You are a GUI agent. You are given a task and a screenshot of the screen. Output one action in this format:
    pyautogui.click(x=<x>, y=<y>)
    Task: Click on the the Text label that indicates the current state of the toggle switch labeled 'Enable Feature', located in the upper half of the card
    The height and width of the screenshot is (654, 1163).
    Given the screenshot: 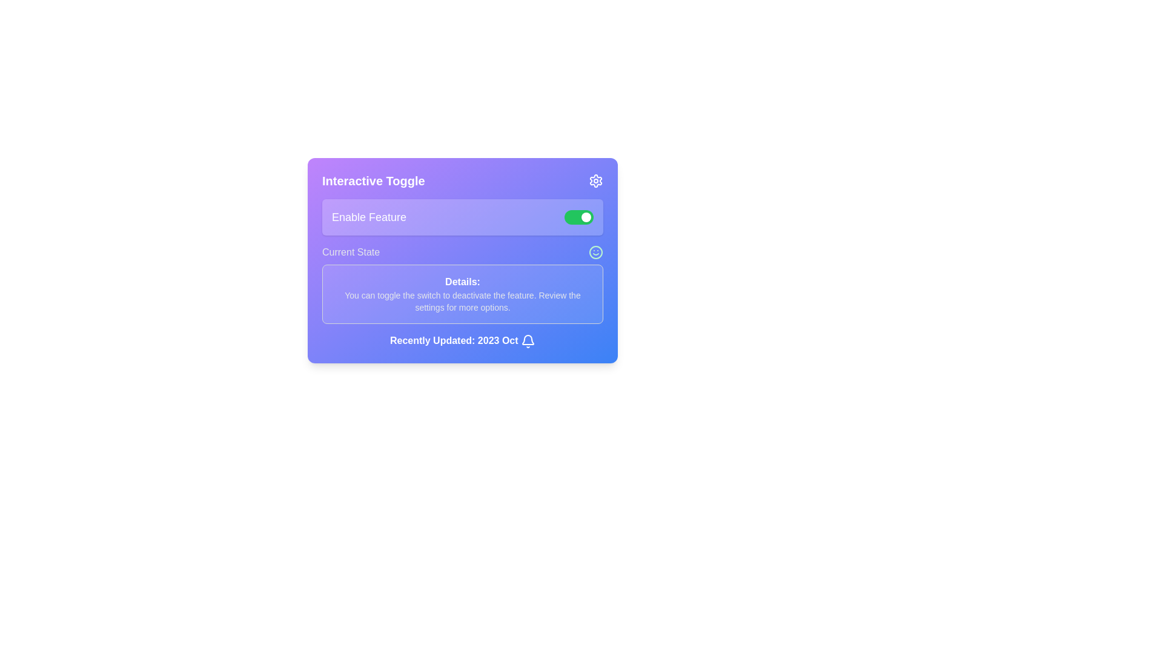 What is the action you would take?
    pyautogui.click(x=350, y=251)
    